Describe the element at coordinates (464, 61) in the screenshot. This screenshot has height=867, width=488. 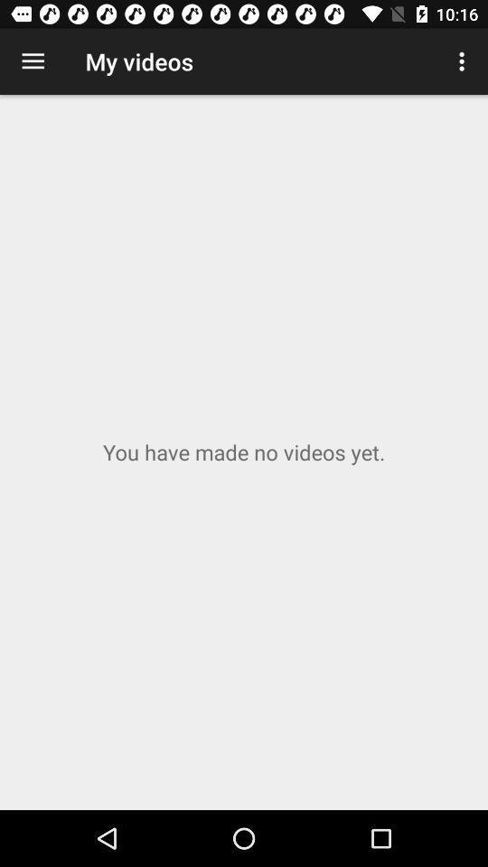
I see `icon at the top right corner` at that location.